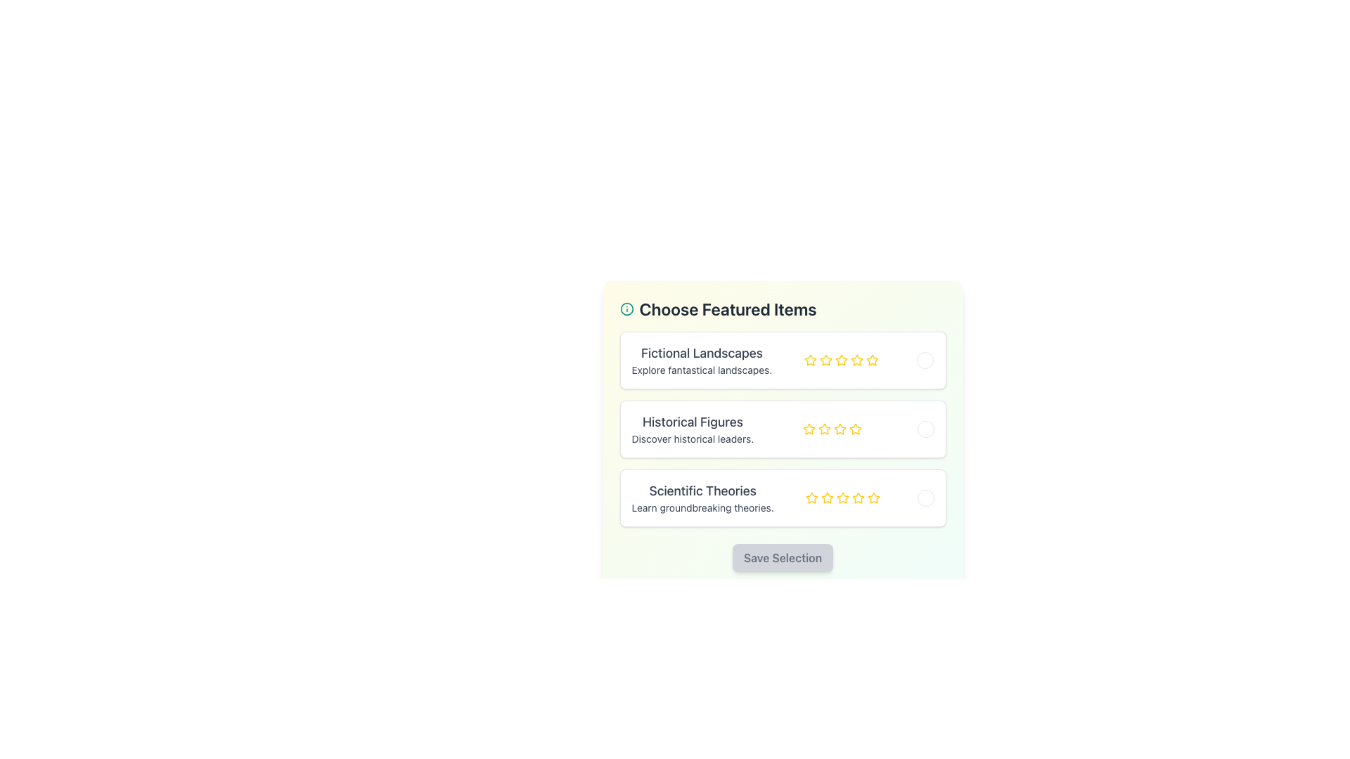 This screenshot has height=759, width=1350. What do you see at coordinates (702, 498) in the screenshot?
I see `the Text Block displaying the title 'Scientific Theories' and subtitle 'Learn groundbreaking theories.' located in the third row of the 'Choose Featured Items' section` at bounding box center [702, 498].